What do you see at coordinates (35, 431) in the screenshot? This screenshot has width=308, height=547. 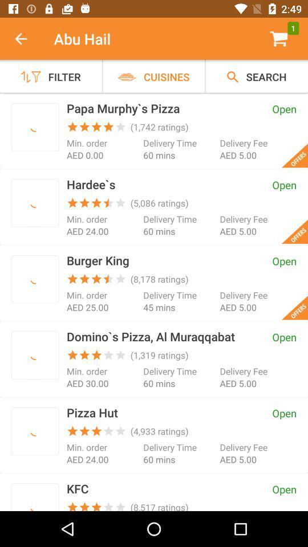 I see `the fast food are very tasty` at bounding box center [35, 431].